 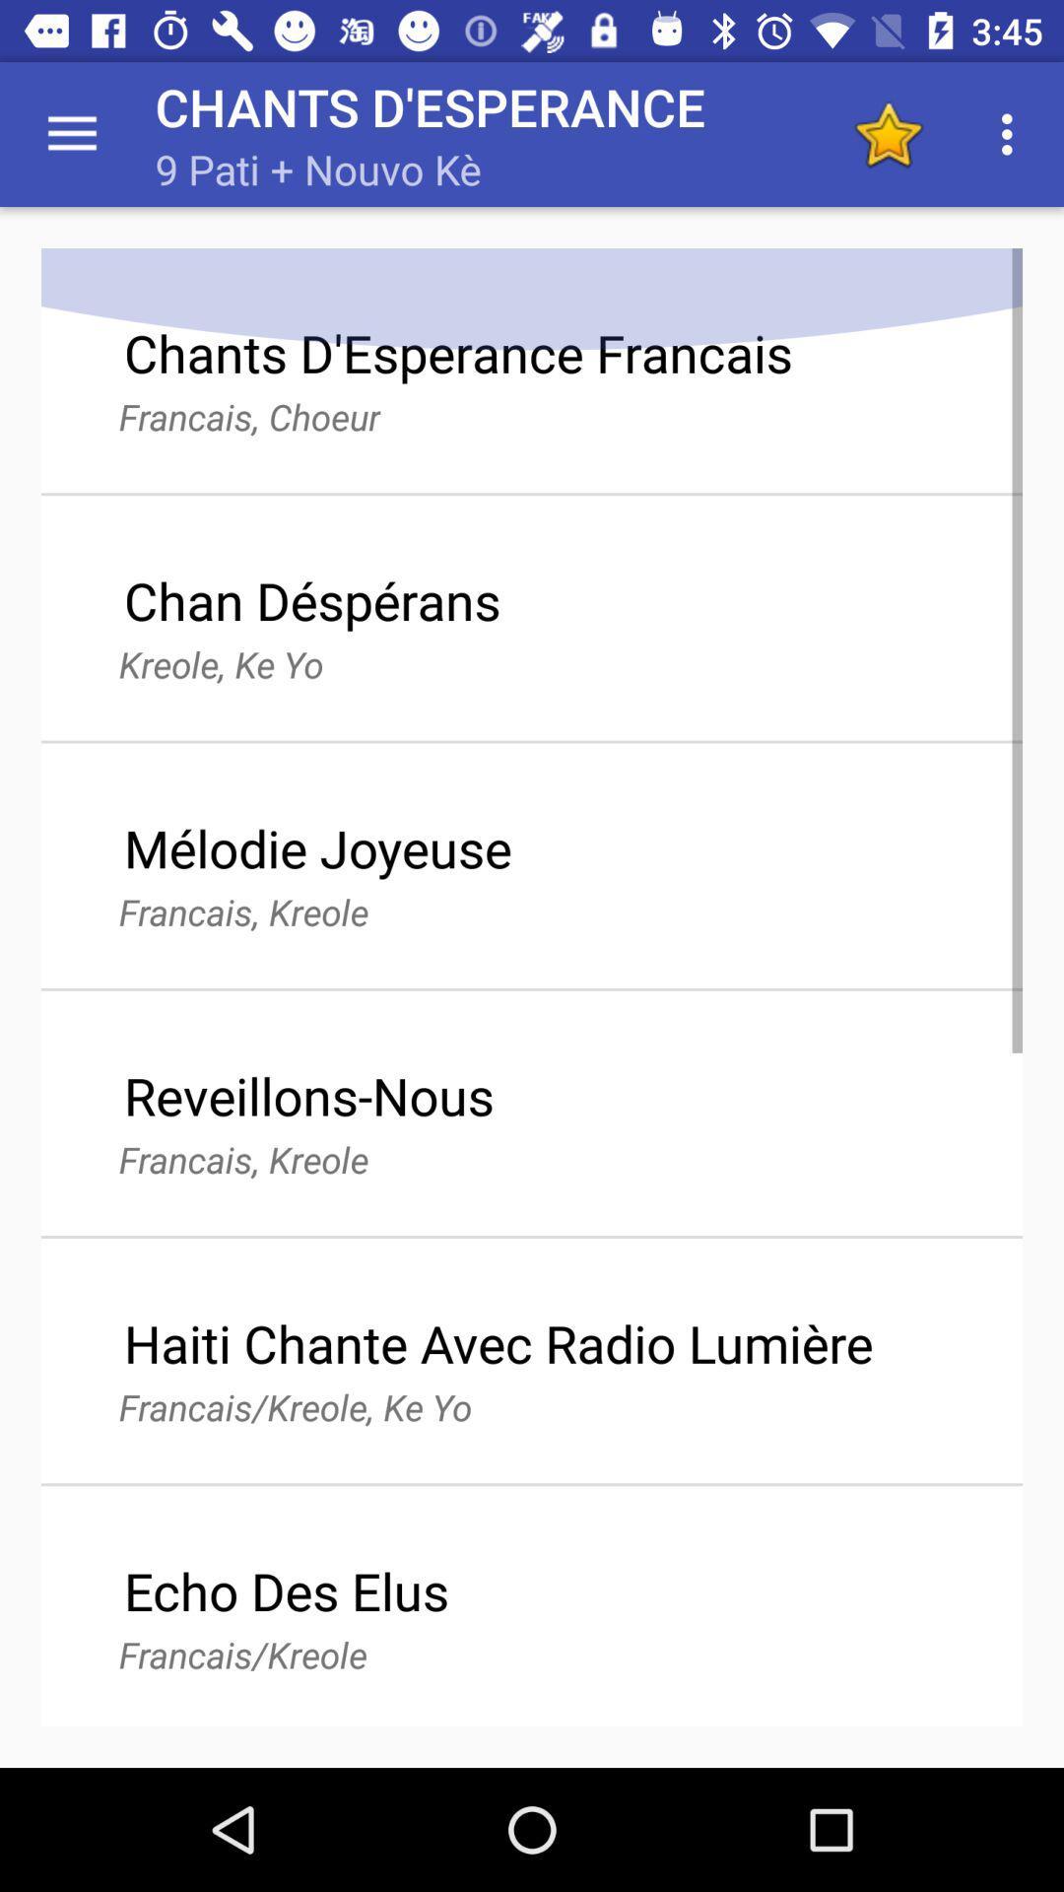 What do you see at coordinates (498, 1342) in the screenshot?
I see `the item below francais, kreole` at bounding box center [498, 1342].